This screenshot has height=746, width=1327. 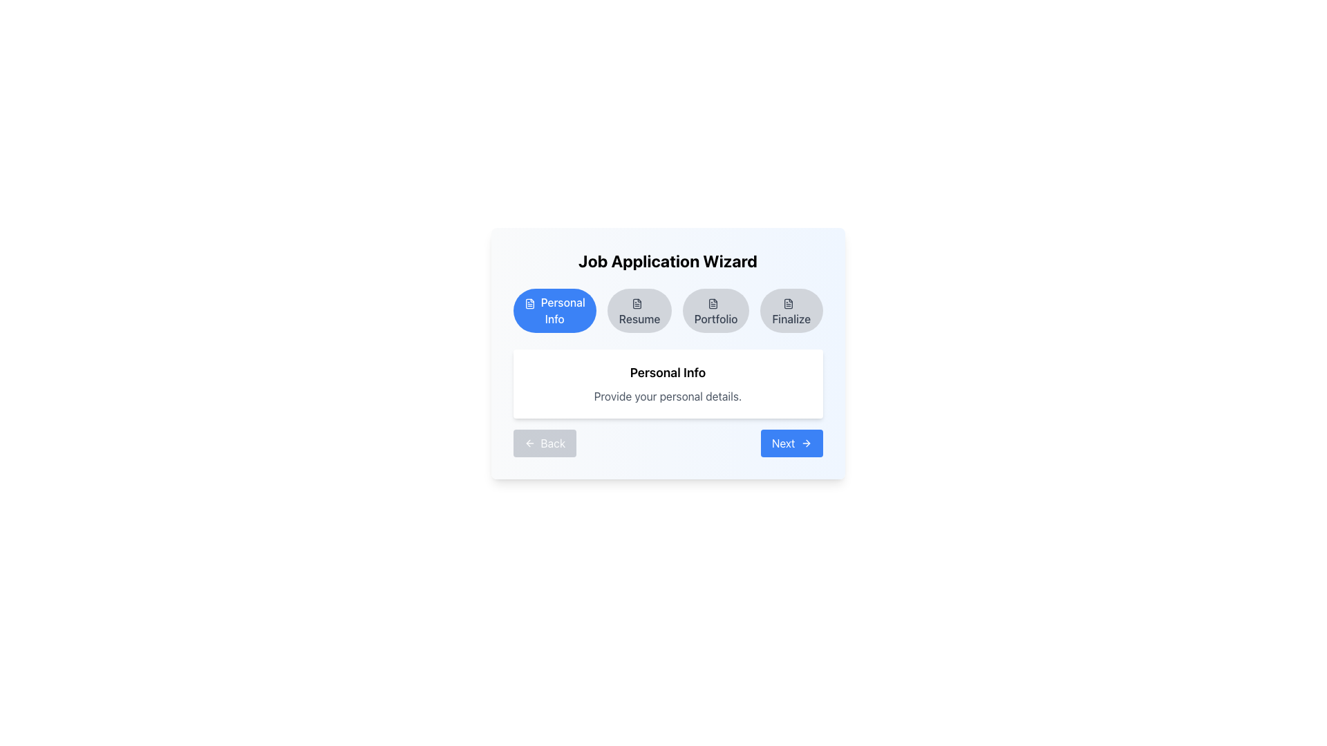 I want to click on the 'Portfolio' navigation button located below the 'Job Application Wizard' section, so click(x=716, y=311).